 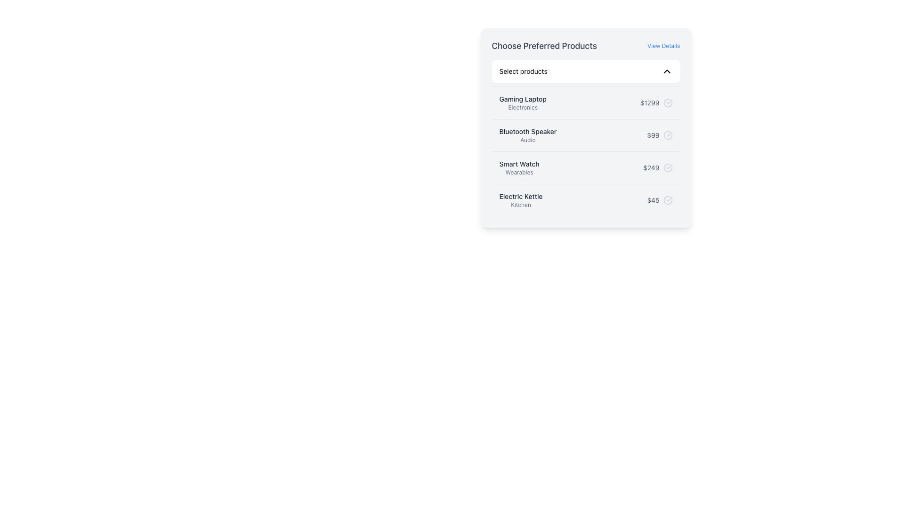 I want to click on the circular gray icon with a checkmark that is located next to the price label of $249 in the third row of the product list, adjacent to the product name 'Smart Watch', so click(x=667, y=167).